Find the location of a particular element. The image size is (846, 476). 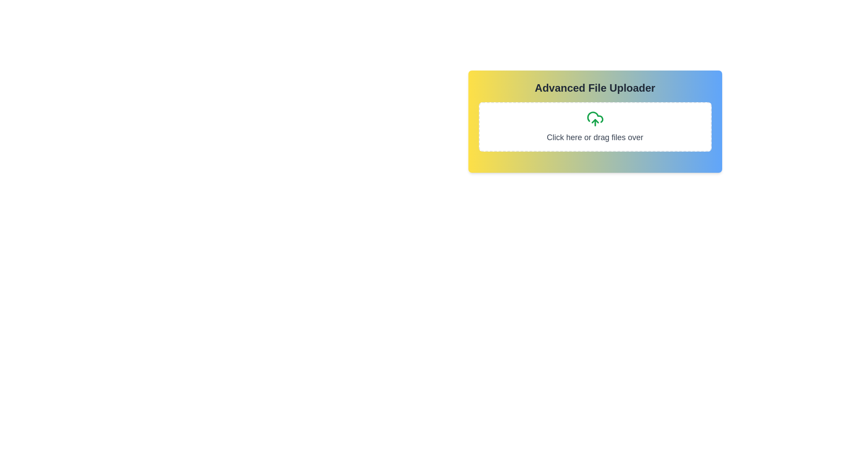

text instruction label that guides the user for file uploading, located at the bottom of the file upload component, centrally positioned within the uploader area is located at coordinates (595, 138).